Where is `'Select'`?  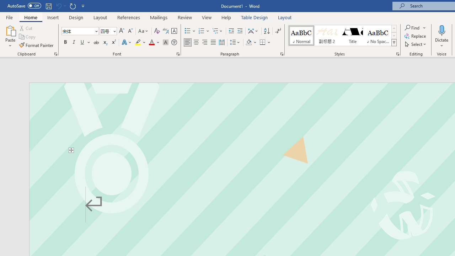 'Select' is located at coordinates (416, 44).